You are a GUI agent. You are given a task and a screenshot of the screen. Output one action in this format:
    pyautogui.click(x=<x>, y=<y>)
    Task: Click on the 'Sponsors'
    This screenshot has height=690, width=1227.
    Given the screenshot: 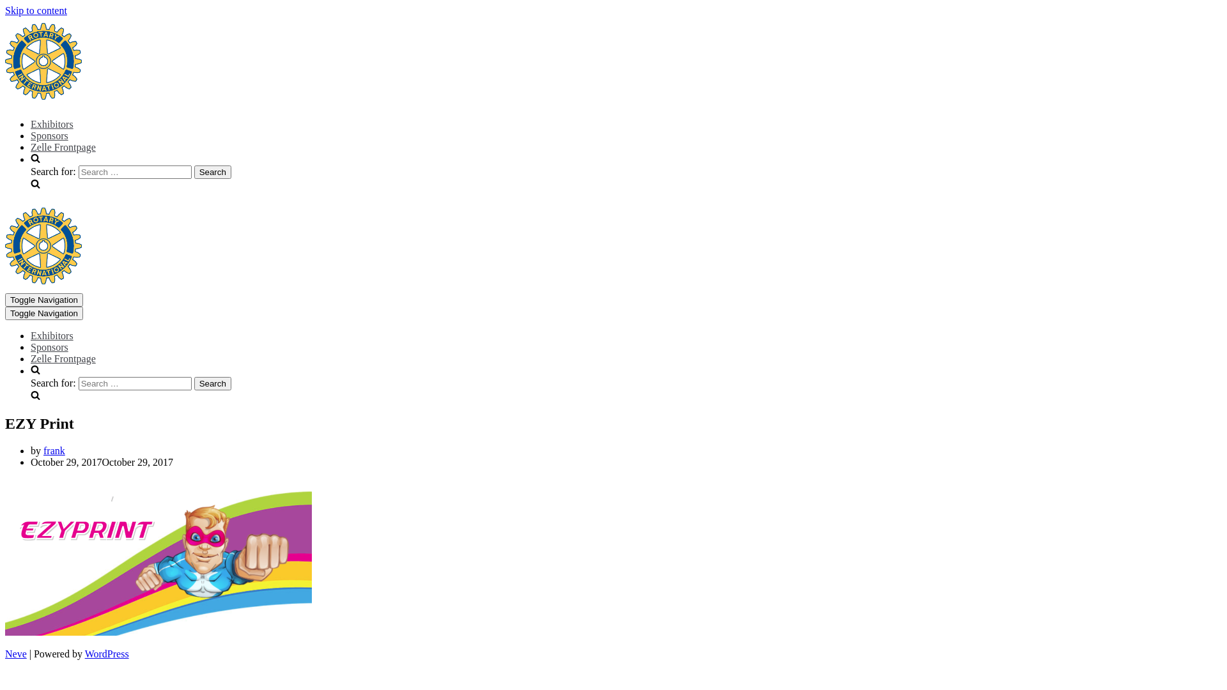 What is the action you would take?
    pyautogui.click(x=49, y=347)
    